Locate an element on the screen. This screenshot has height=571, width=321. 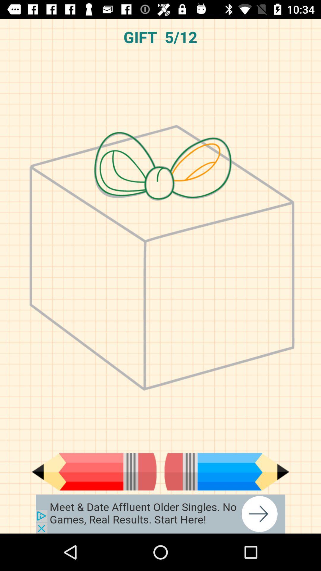
next is located at coordinates (227, 471).